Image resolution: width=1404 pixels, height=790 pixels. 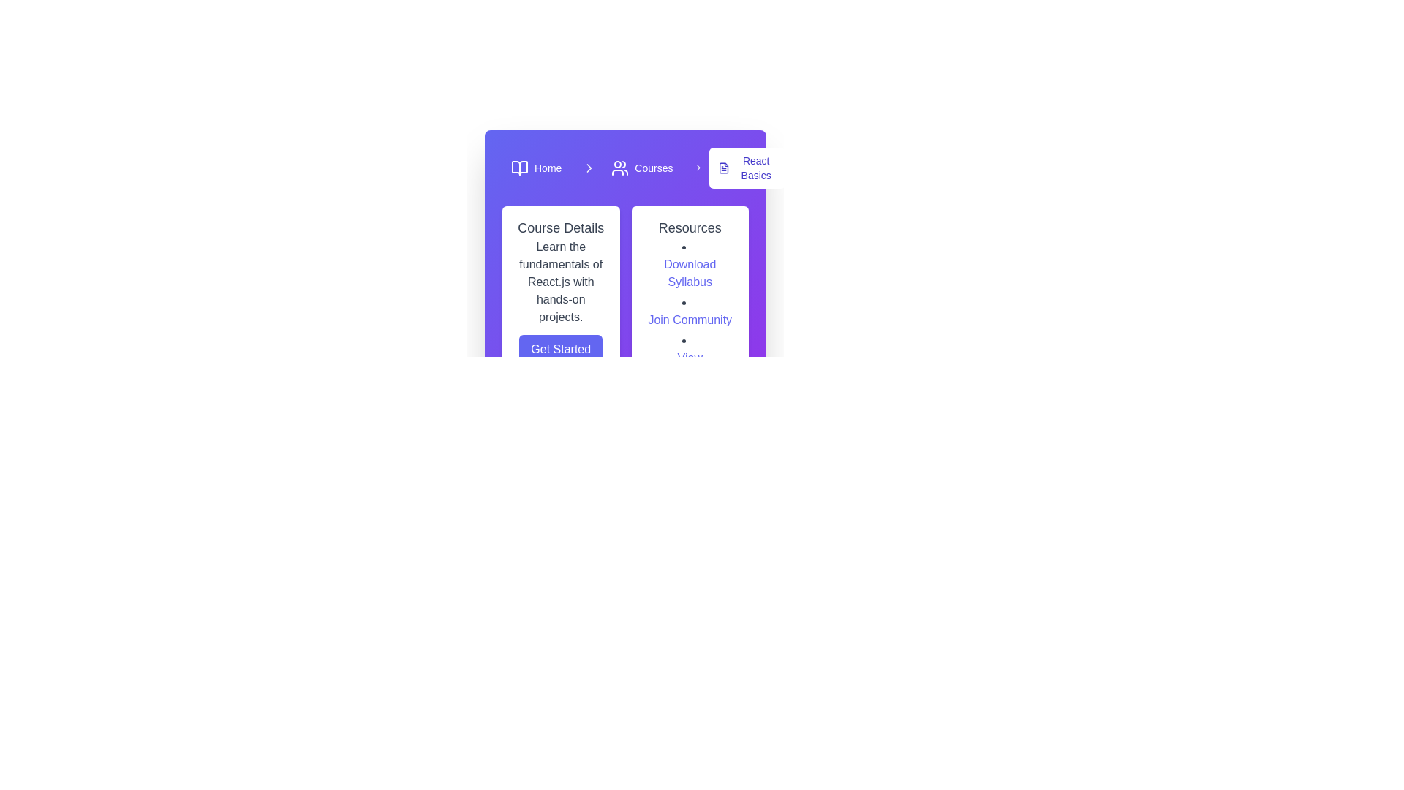 What do you see at coordinates (642, 168) in the screenshot?
I see `the 'Courses' button, which features an icon and a text label` at bounding box center [642, 168].